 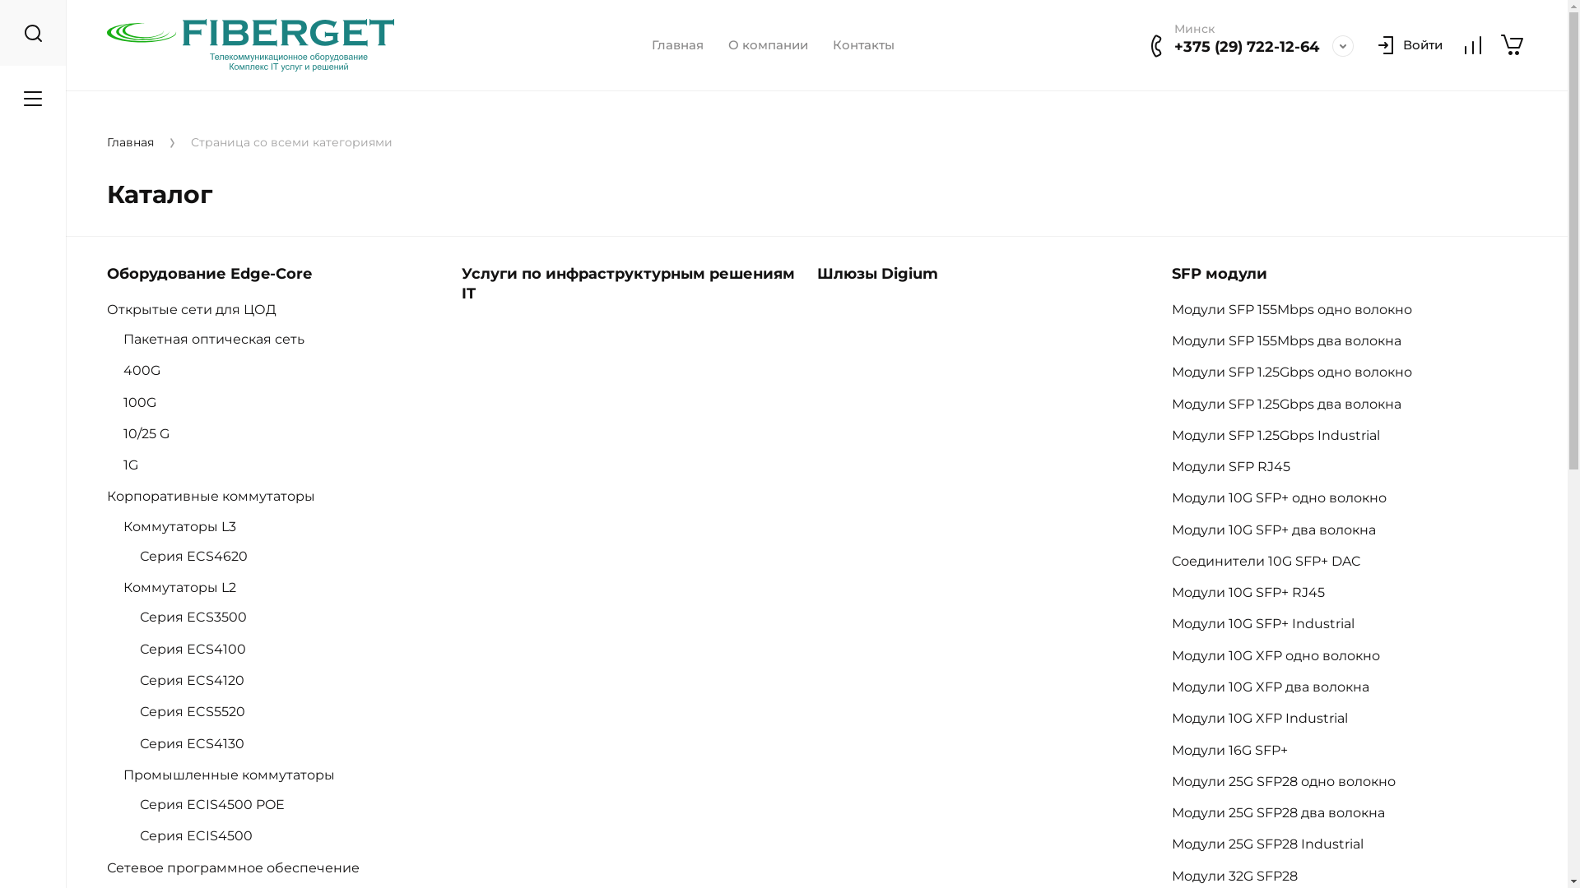 I want to click on '1G', so click(x=138, y=465).